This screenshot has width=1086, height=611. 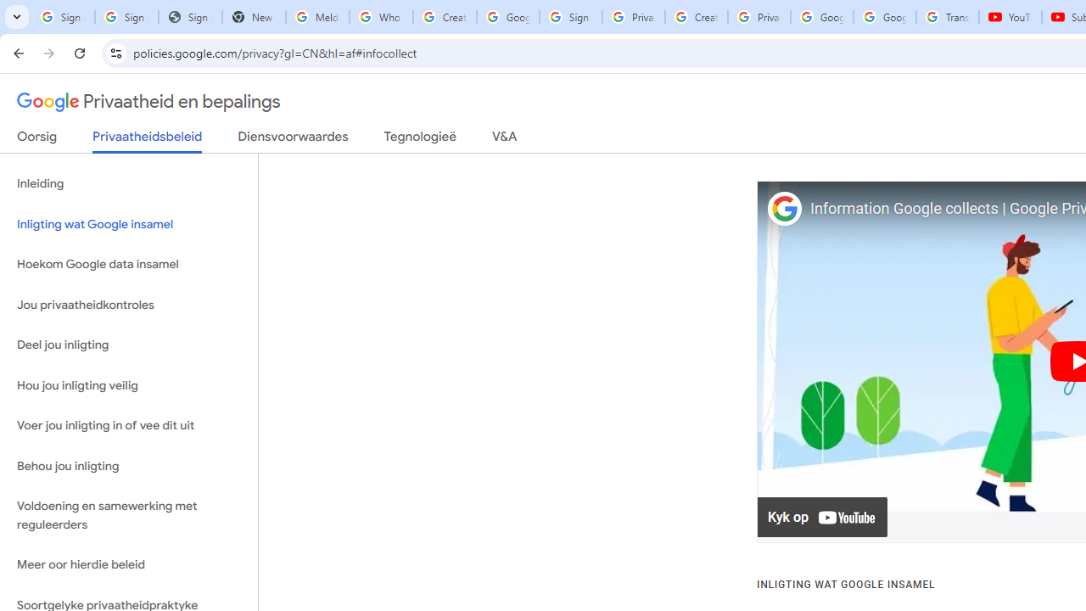 What do you see at coordinates (149, 102) in the screenshot?
I see `'Privaatheid en bepalings'` at bounding box center [149, 102].